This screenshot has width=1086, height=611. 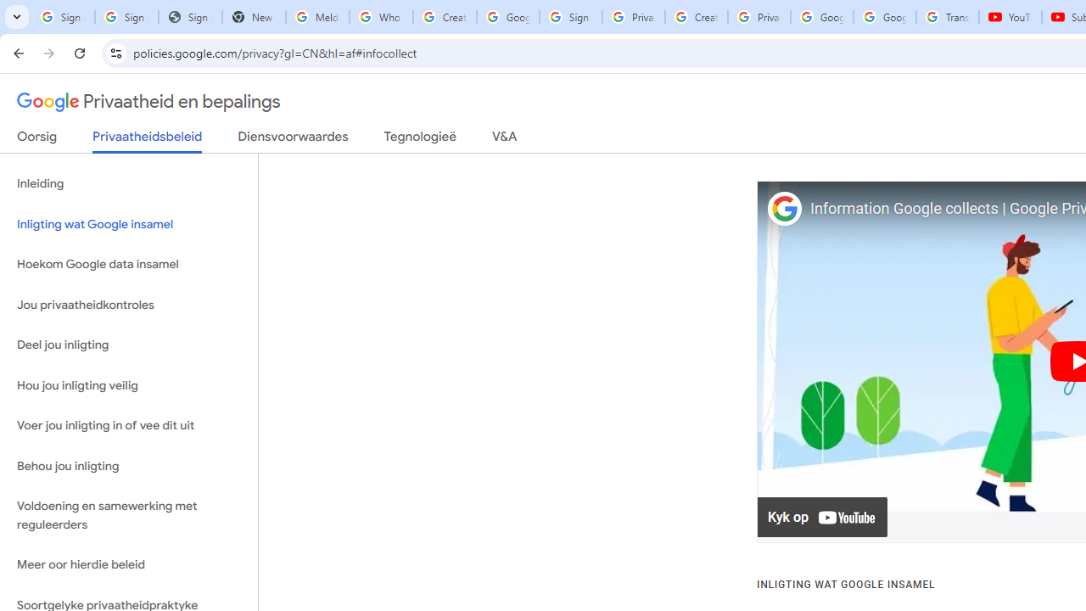 What do you see at coordinates (149, 102) in the screenshot?
I see `'Privaatheid en bepalings'` at bounding box center [149, 102].